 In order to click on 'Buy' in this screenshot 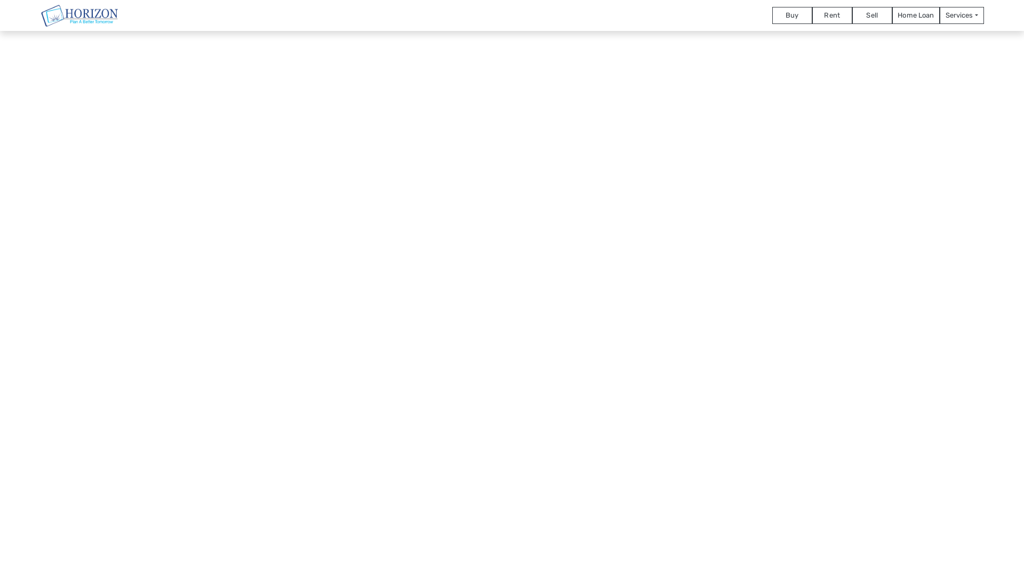, I will do `click(792, 15)`.